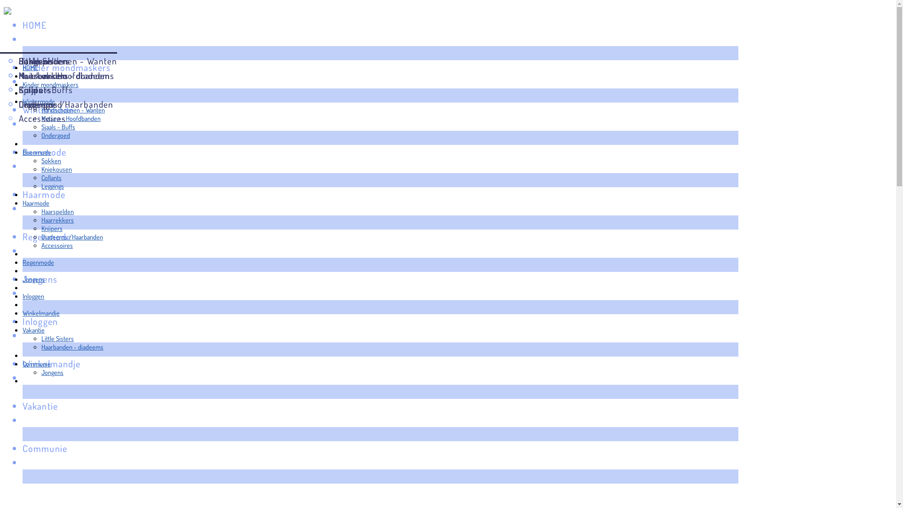 Image resolution: width=903 pixels, height=508 pixels. What do you see at coordinates (51, 228) in the screenshot?
I see `'Knijpers'` at bounding box center [51, 228].